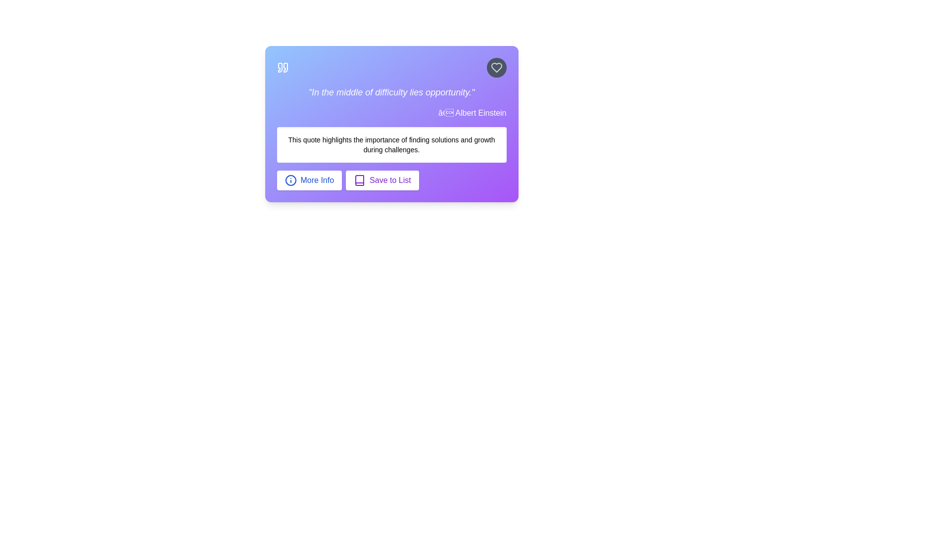  What do you see at coordinates (290, 180) in the screenshot?
I see `the outer circular shape of the information icon, which serves as the base outline element of the SVG graphics` at bounding box center [290, 180].